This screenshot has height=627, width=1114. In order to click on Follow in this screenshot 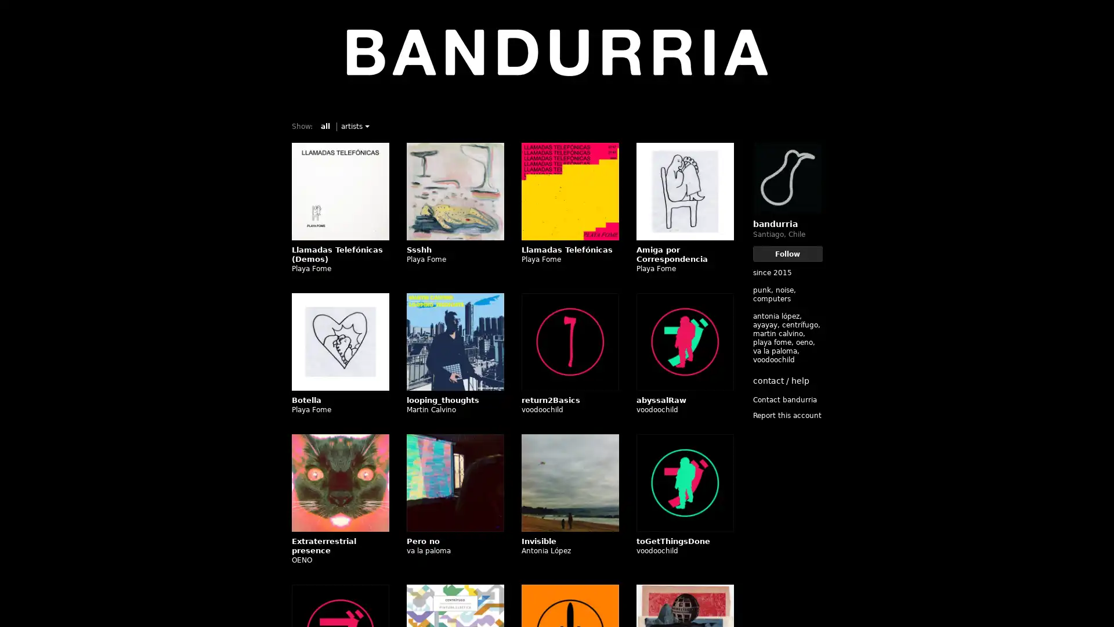, I will do `click(787, 253)`.